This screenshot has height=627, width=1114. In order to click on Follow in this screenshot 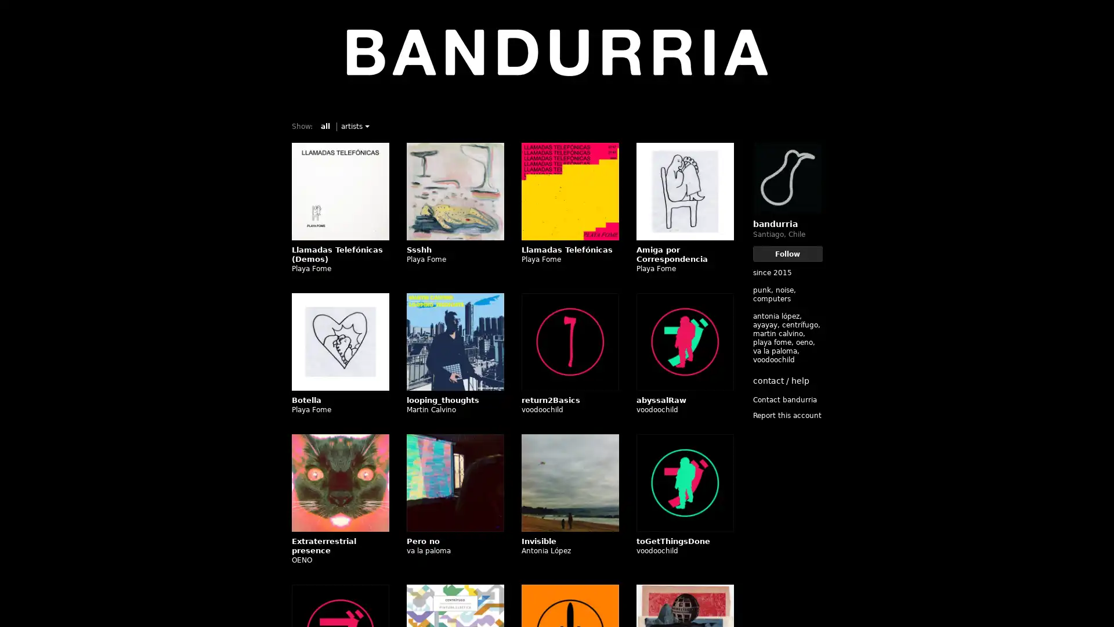, I will do `click(787, 253)`.